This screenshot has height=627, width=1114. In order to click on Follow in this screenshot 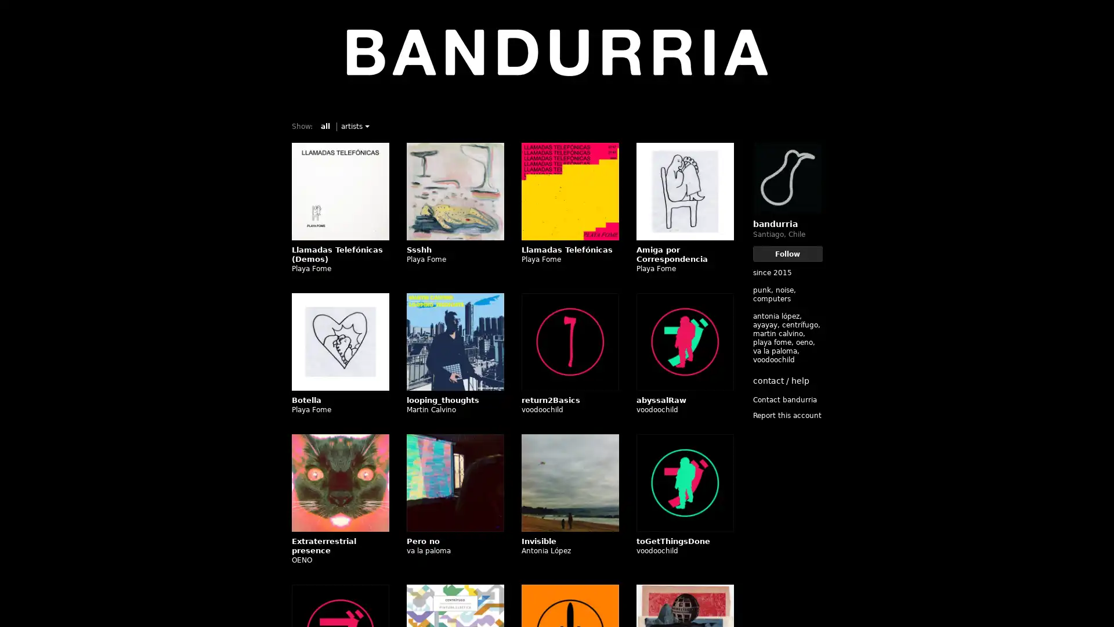, I will do `click(787, 253)`.